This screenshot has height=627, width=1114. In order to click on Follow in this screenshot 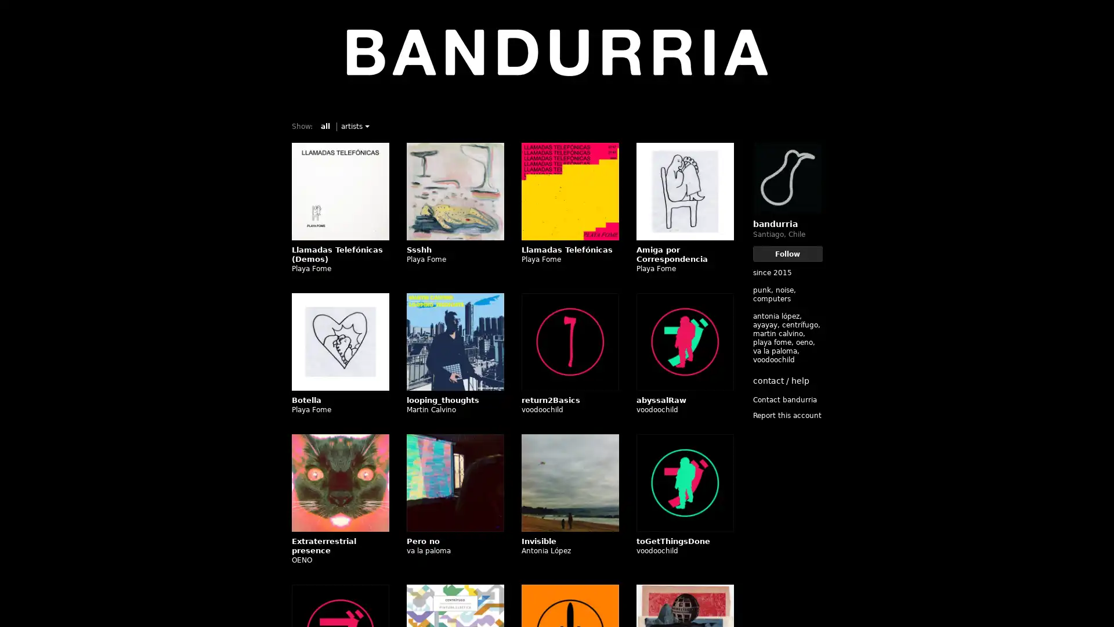, I will do `click(787, 253)`.